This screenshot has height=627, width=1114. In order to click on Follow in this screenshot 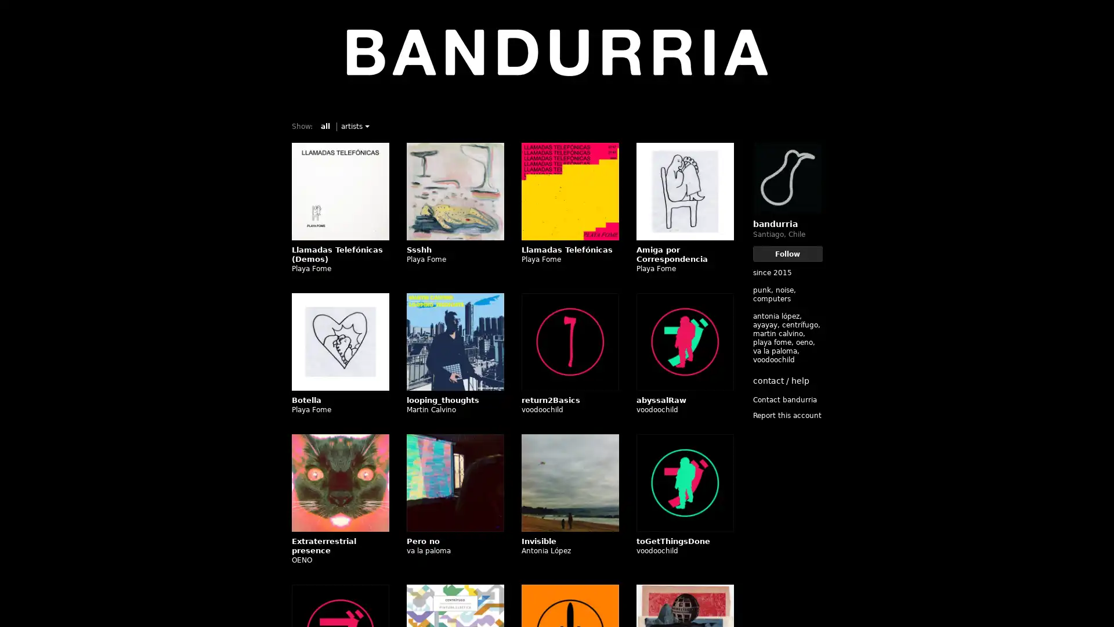, I will do `click(787, 253)`.